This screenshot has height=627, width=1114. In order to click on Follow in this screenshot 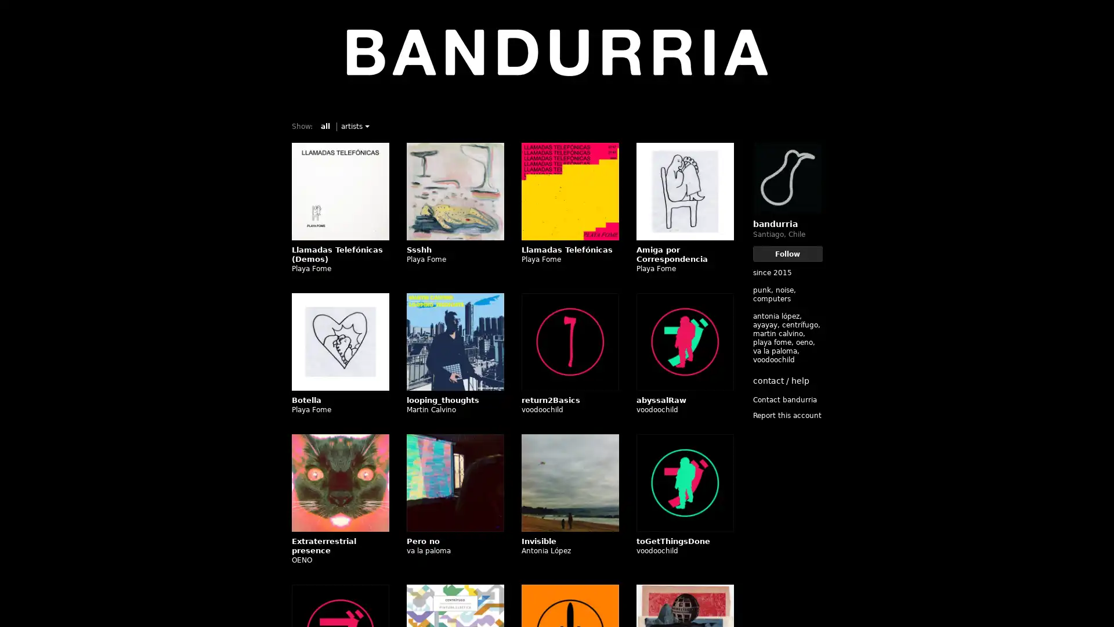, I will do `click(787, 253)`.